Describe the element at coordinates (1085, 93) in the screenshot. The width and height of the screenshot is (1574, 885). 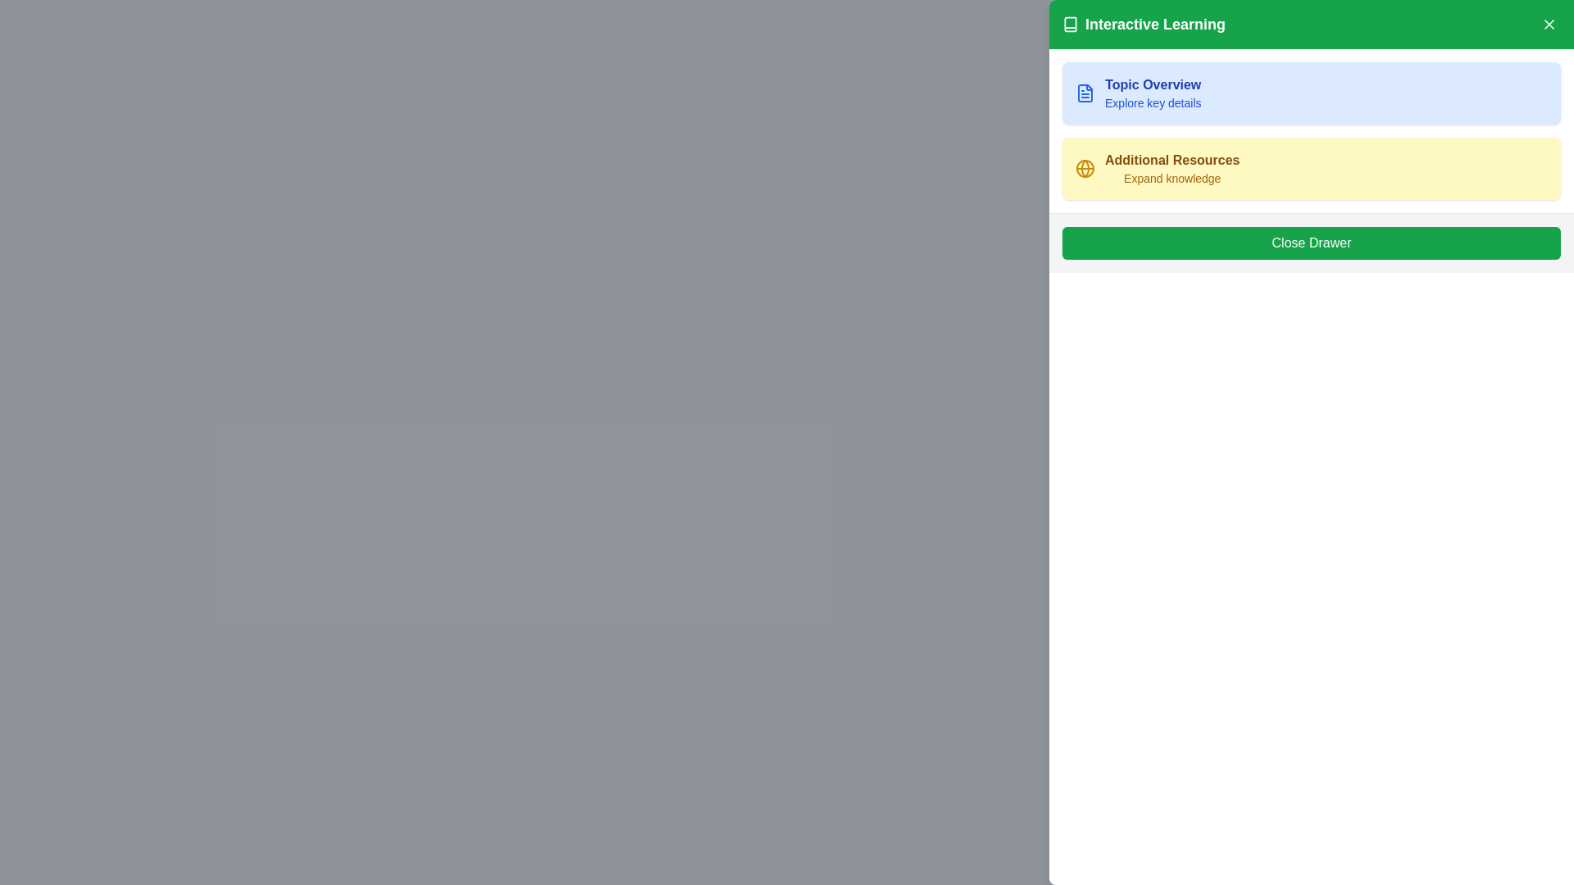
I see `the overview icon located at the top of the right-side panel in the 'Topic Overview' section` at that location.